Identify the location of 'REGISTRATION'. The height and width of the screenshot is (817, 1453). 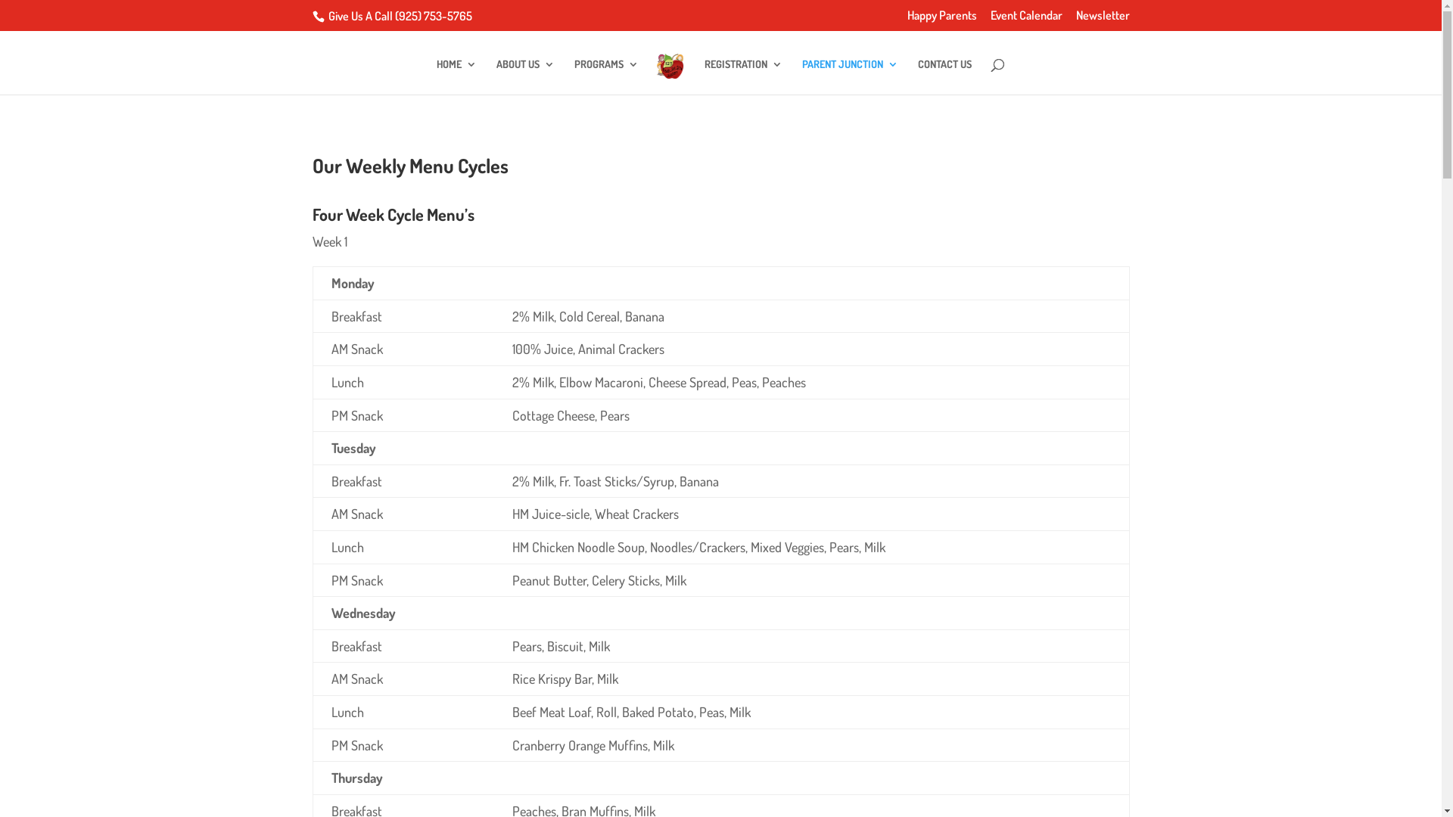
(743, 76).